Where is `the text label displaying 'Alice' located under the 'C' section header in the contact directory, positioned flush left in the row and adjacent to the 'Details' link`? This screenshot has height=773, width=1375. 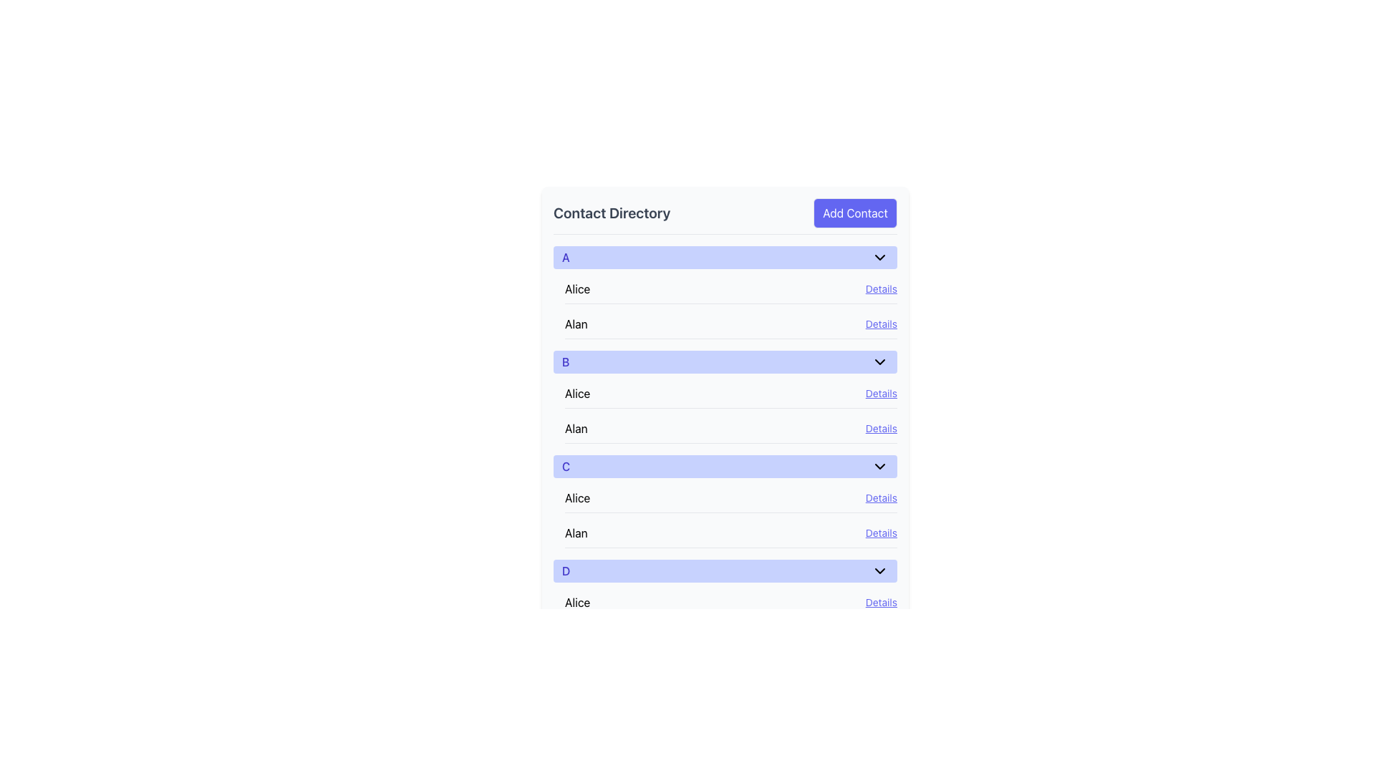
the text label displaying 'Alice' located under the 'C' section header in the contact directory, positioned flush left in the row and adjacent to the 'Details' link is located at coordinates (577, 497).